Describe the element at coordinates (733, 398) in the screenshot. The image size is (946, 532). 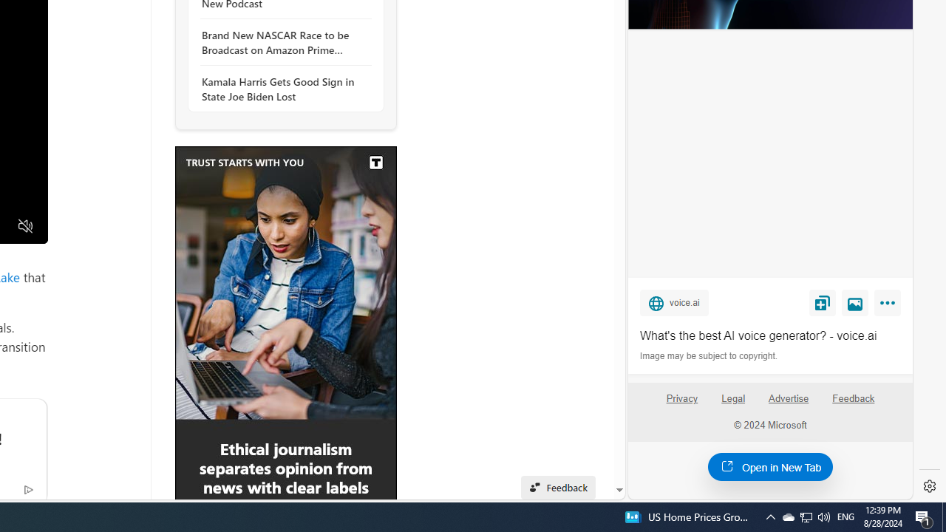
I see `'Legal'` at that location.